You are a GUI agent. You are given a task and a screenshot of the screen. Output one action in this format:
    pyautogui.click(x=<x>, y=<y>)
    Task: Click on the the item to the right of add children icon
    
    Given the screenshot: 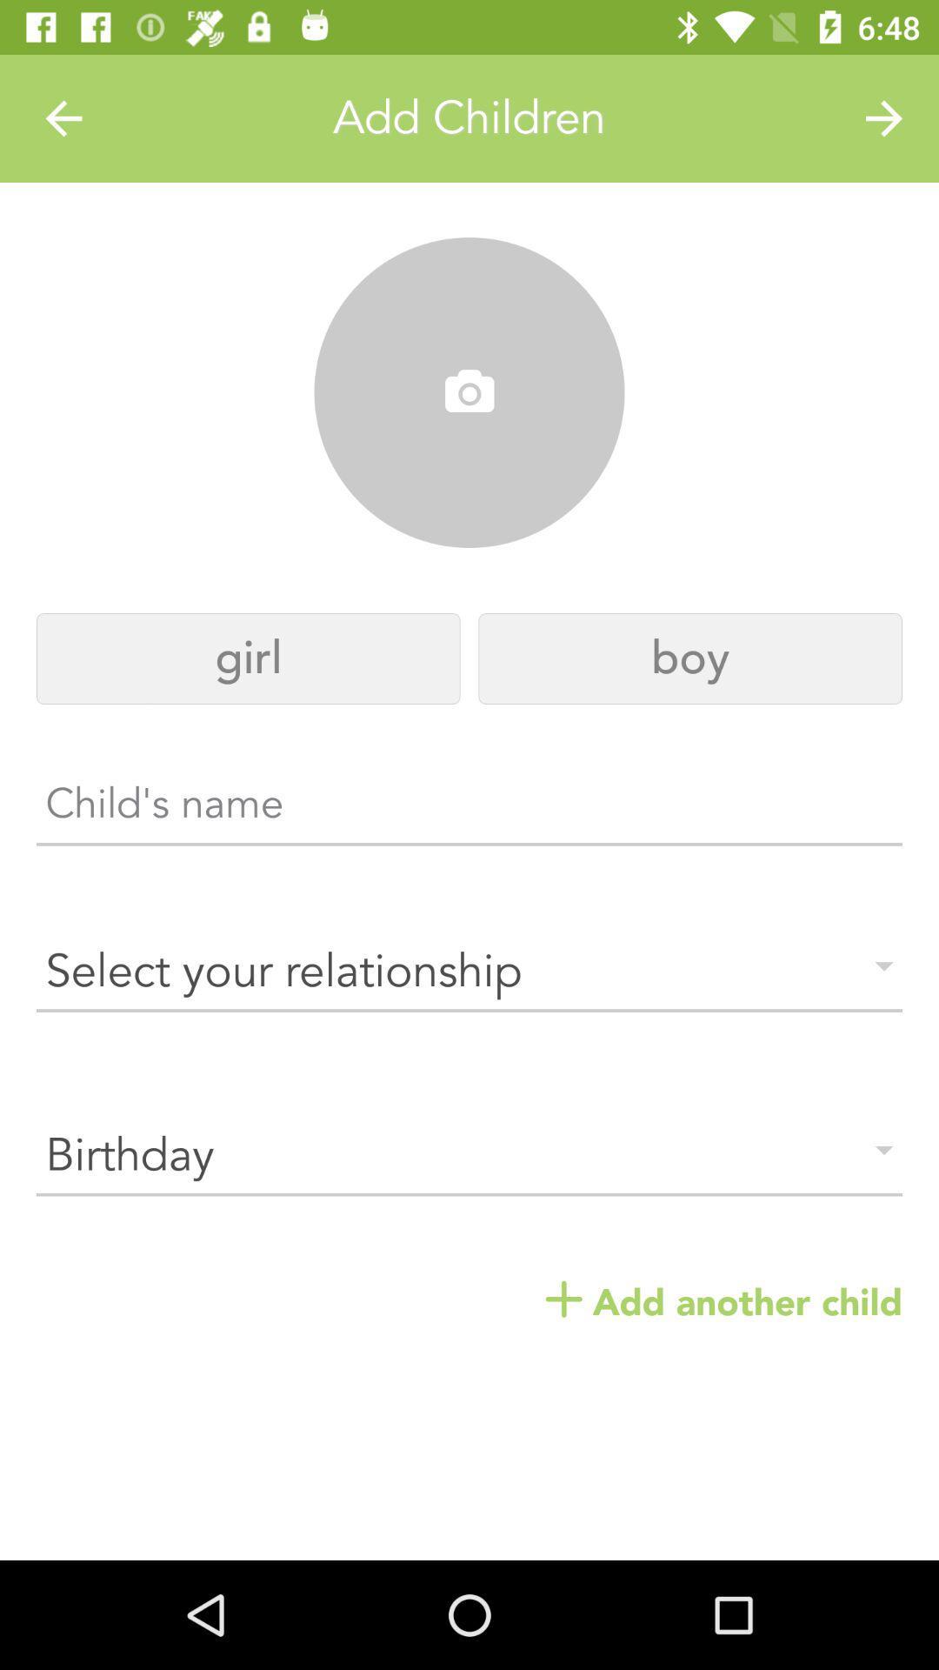 What is the action you would take?
    pyautogui.click(x=884, y=117)
    